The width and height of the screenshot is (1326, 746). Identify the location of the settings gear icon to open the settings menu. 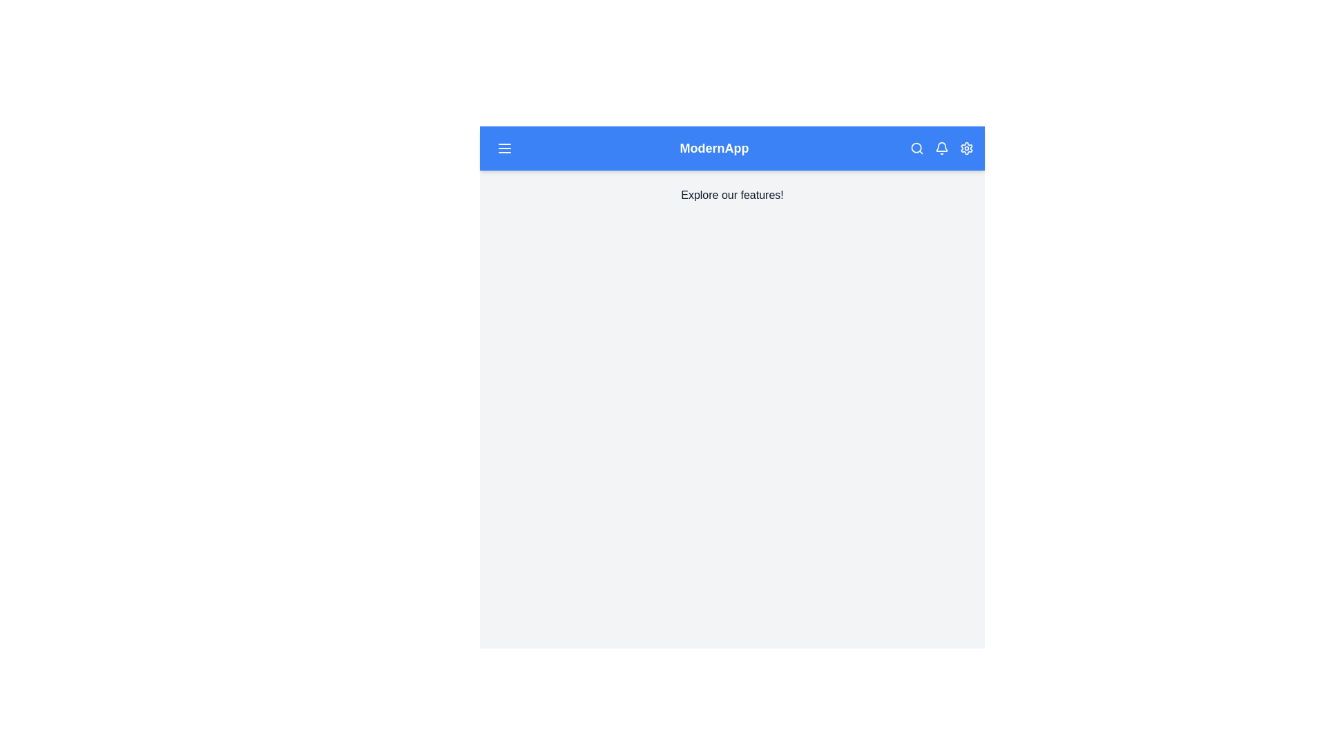
(966, 149).